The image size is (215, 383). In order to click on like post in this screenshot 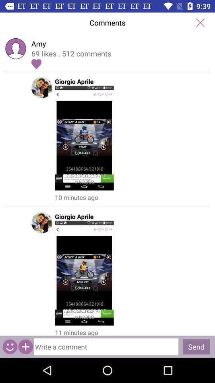, I will do `click(36, 63)`.